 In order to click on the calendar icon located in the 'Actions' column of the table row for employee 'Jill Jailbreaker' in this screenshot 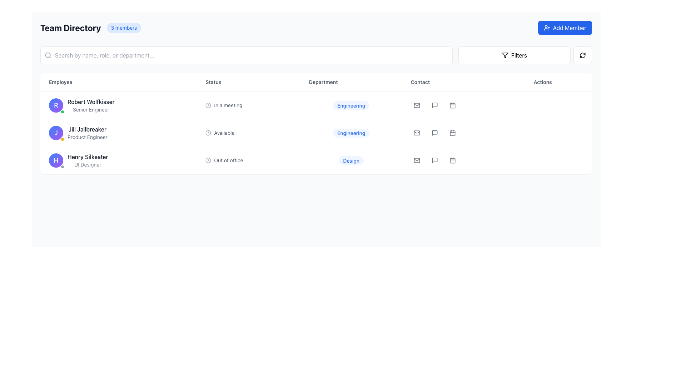, I will do `click(452, 105)`.